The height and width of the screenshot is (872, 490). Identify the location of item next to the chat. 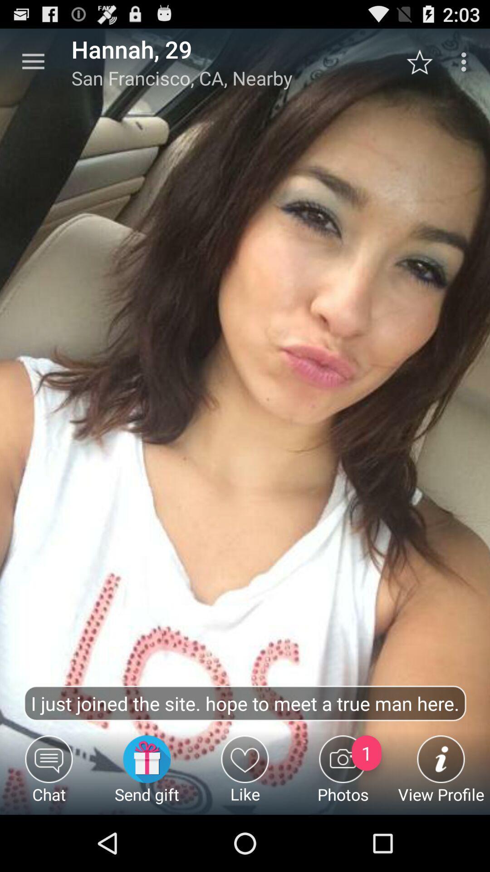
(147, 774).